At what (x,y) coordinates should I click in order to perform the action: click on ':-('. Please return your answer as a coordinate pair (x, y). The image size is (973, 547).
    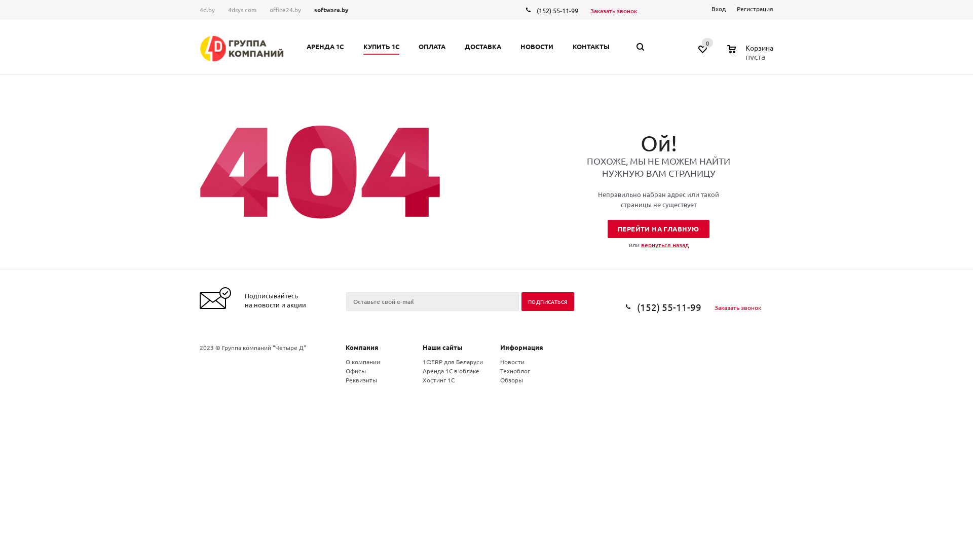
    Looking at the image, I should click on (319, 172).